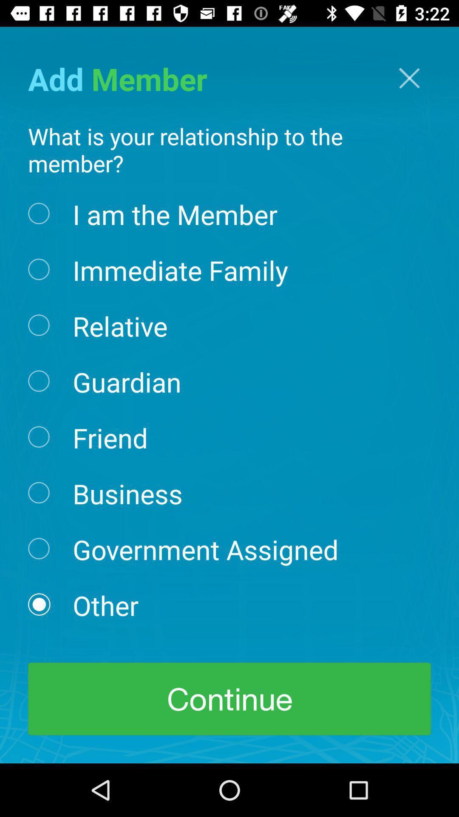 This screenshot has width=459, height=817. I want to click on the government assigned item, so click(205, 549).